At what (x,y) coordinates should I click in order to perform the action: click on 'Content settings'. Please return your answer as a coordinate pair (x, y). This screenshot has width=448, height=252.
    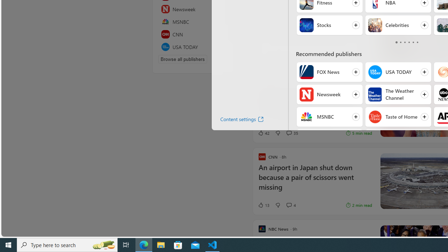
    Looking at the image, I should click on (236, 120).